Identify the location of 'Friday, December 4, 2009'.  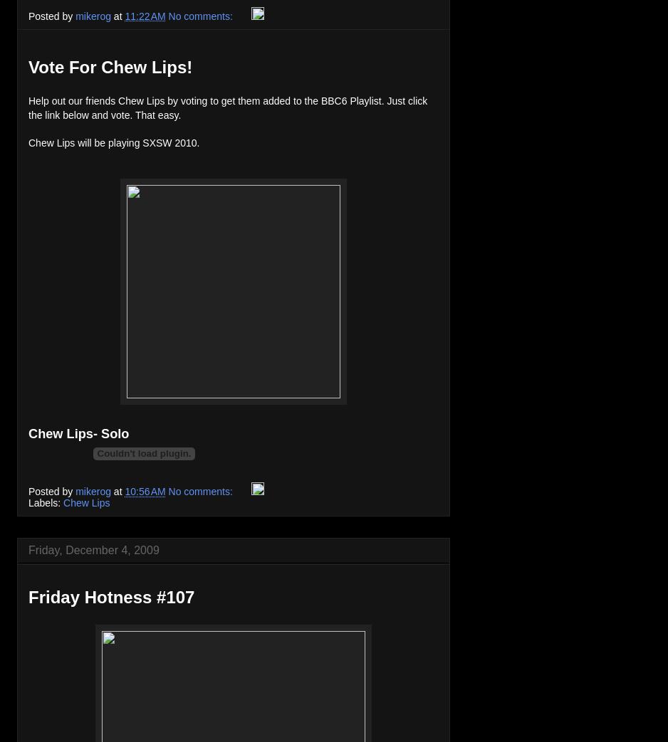
(27, 549).